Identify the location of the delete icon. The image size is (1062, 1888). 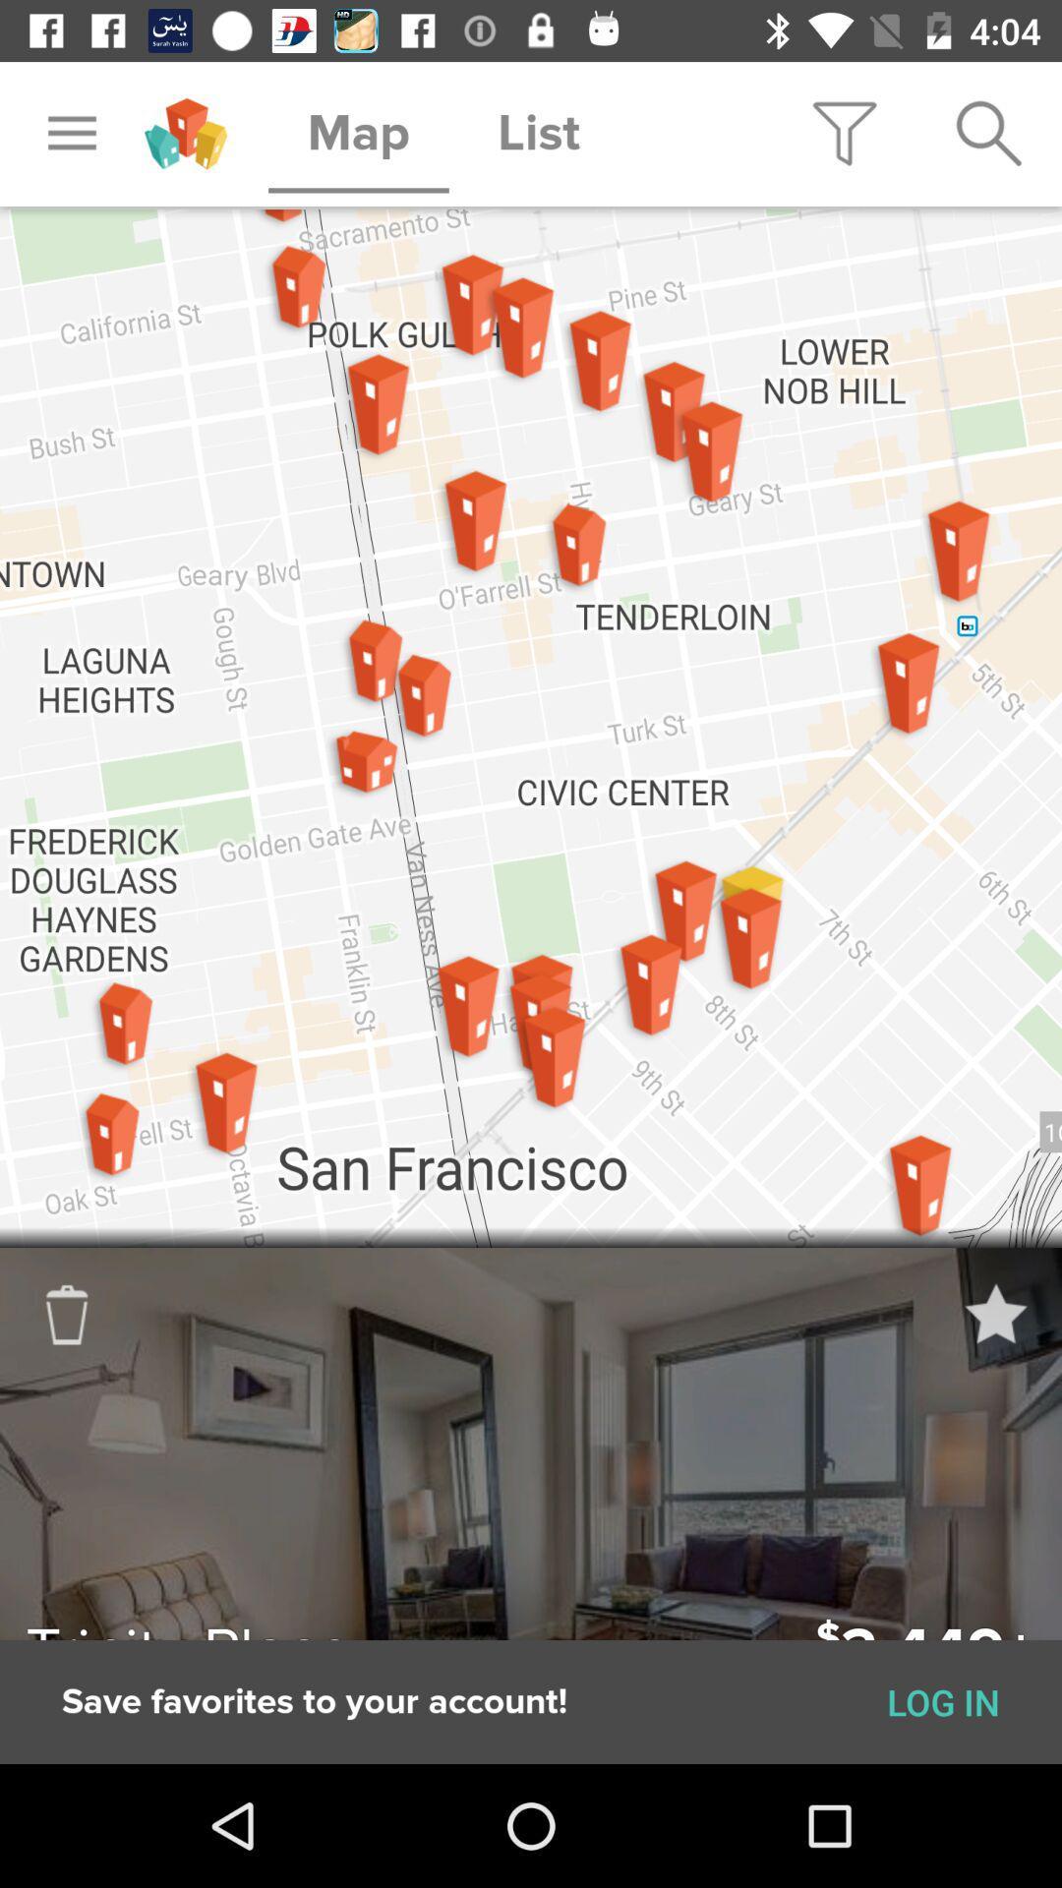
(66, 1315).